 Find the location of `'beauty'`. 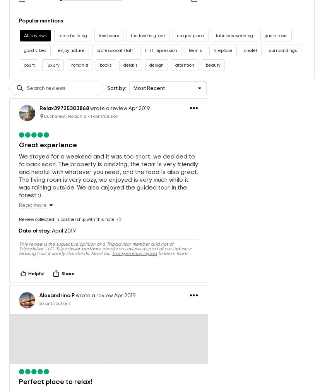

'beauty' is located at coordinates (213, 57).